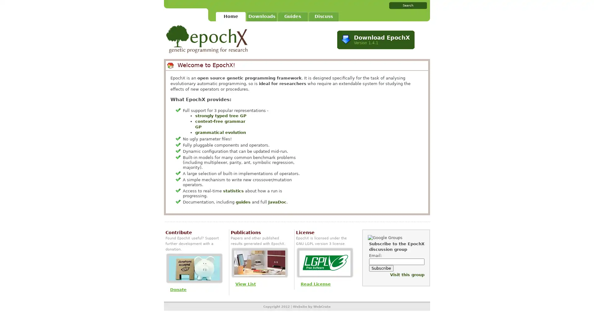  I want to click on Subscribe, so click(381, 268).